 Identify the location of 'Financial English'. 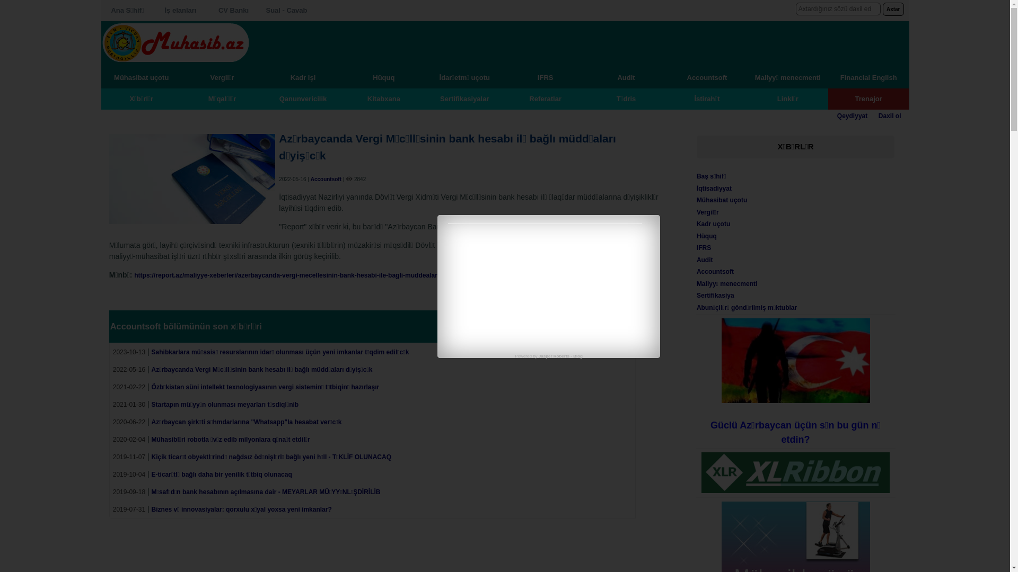
(868, 77).